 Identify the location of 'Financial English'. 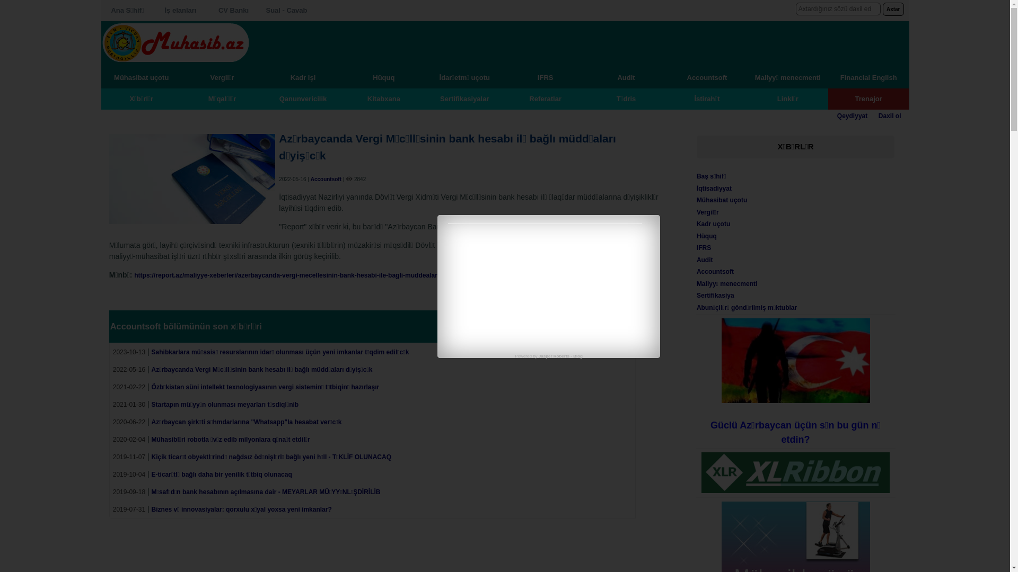
(868, 77).